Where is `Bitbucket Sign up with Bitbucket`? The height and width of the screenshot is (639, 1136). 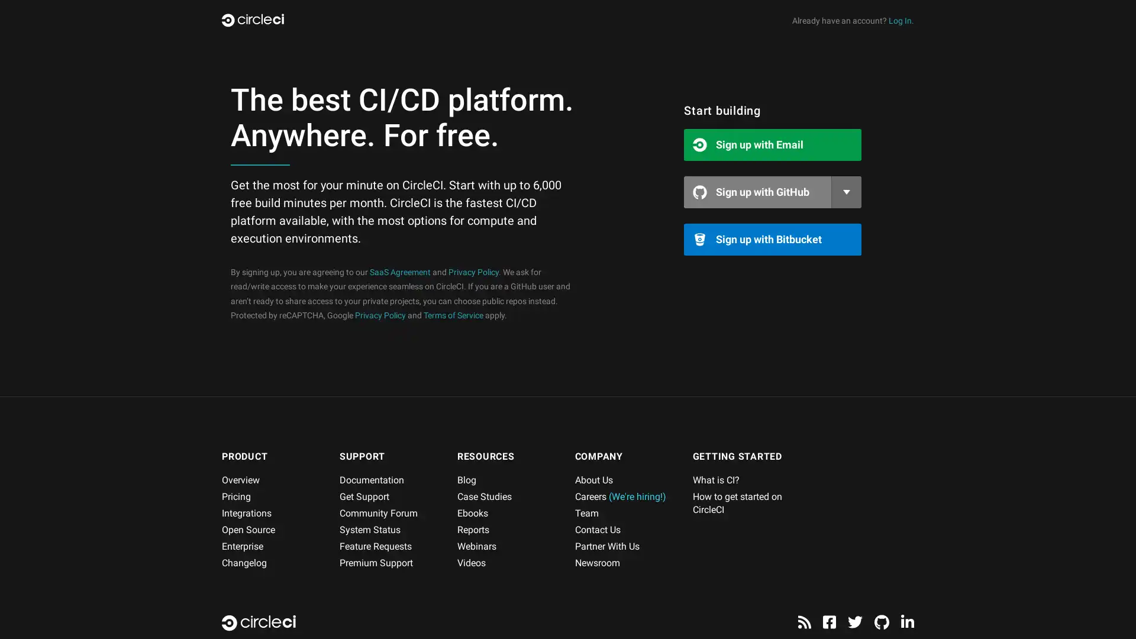
Bitbucket Sign up with Bitbucket is located at coordinates (772, 240).